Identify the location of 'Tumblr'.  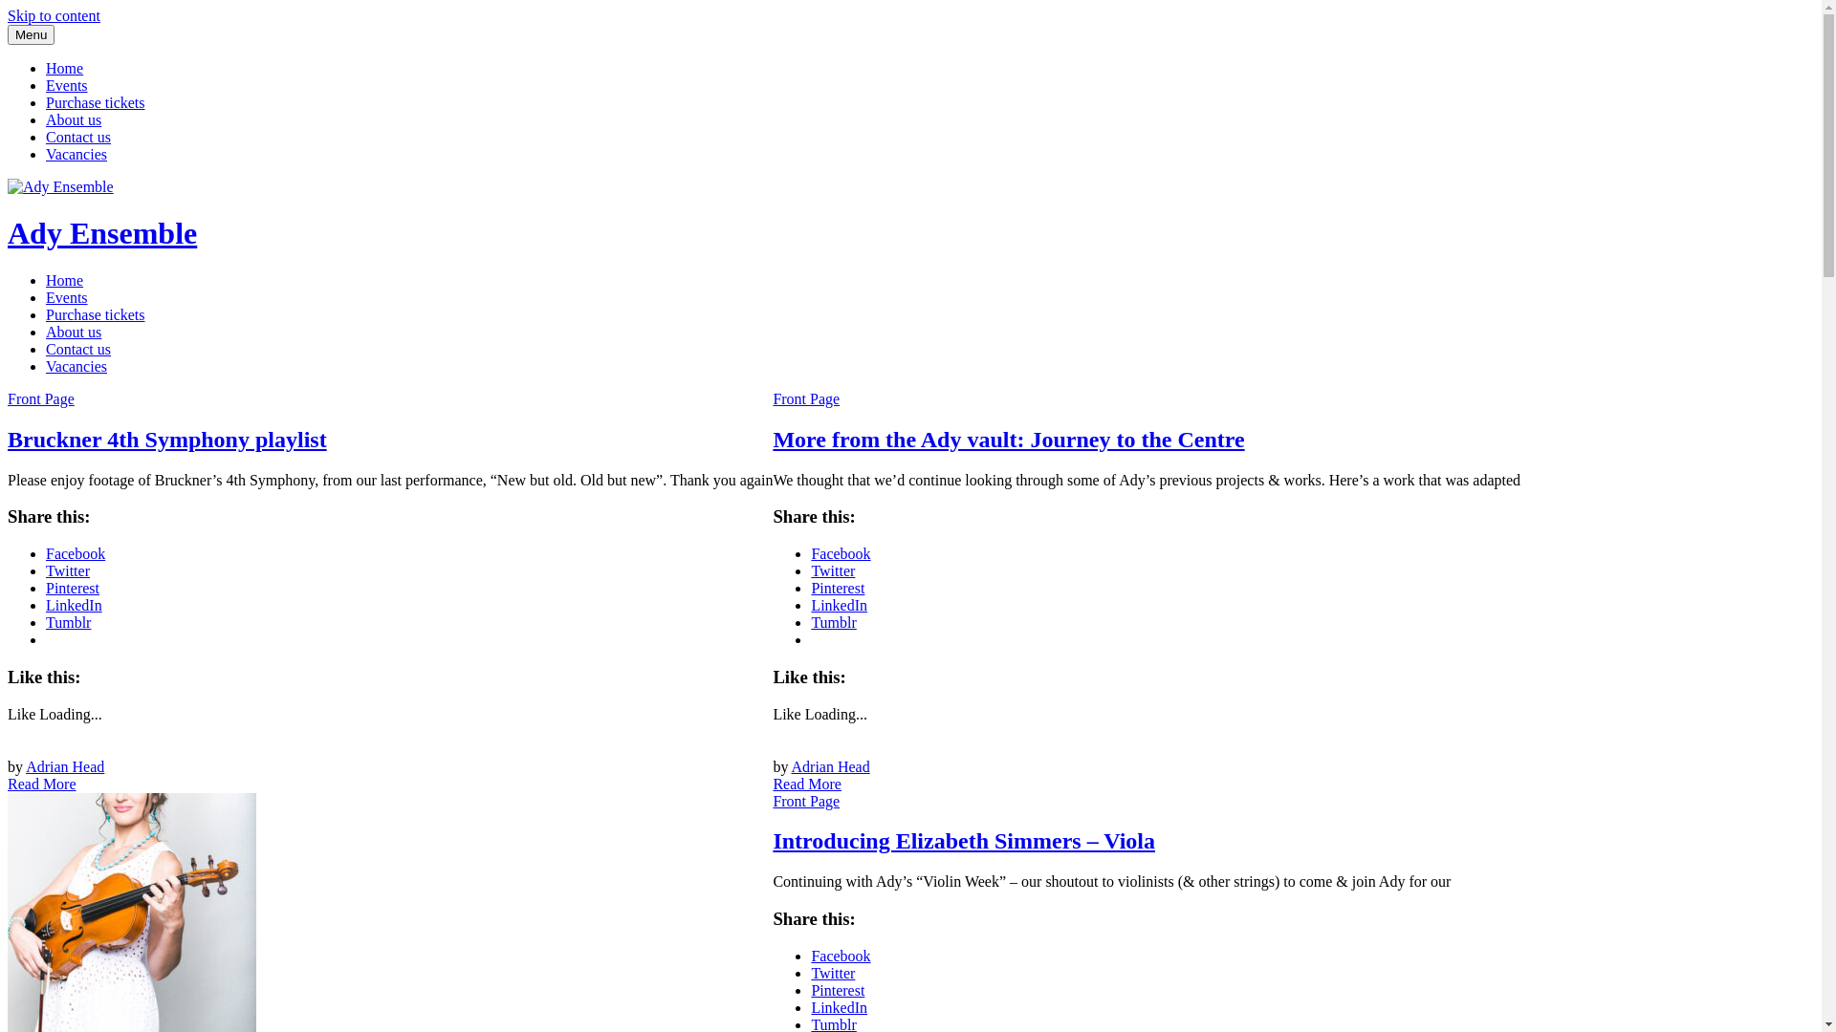
(833, 622).